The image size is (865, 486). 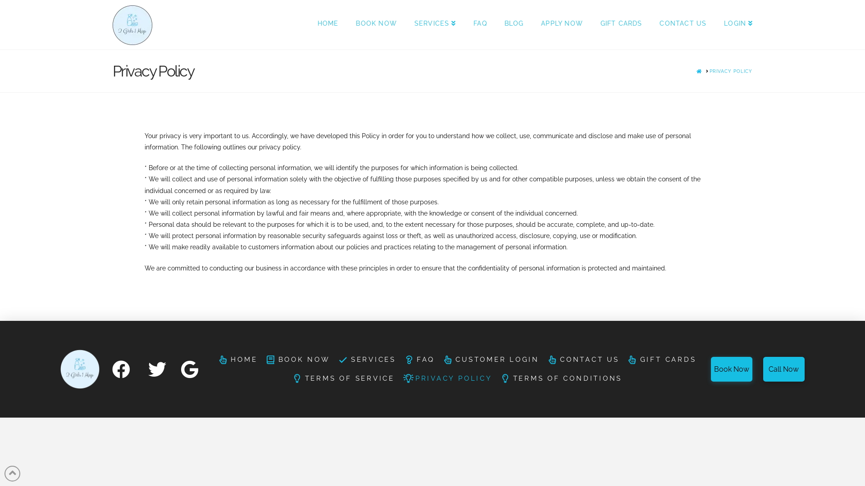 What do you see at coordinates (287, 378) in the screenshot?
I see `'TERMS OF SERVICE'` at bounding box center [287, 378].